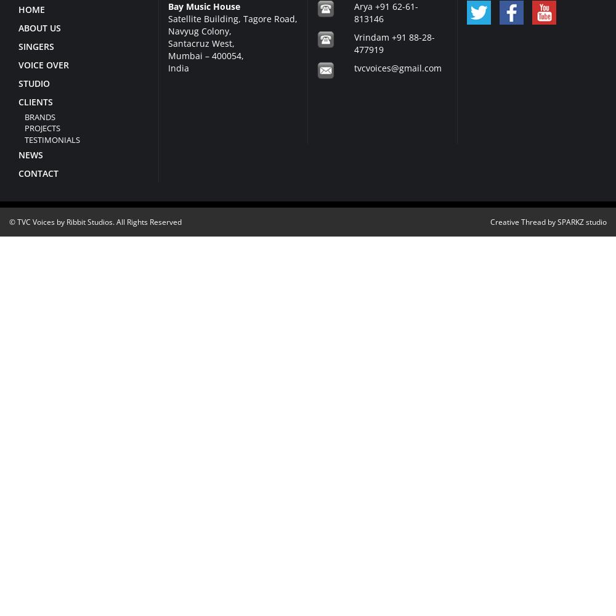 The width and height of the screenshot is (616, 616). Describe the element at coordinates (394, 42) in the screenshot. I see `'Vrindam +91 88-28-477919'` at that location.